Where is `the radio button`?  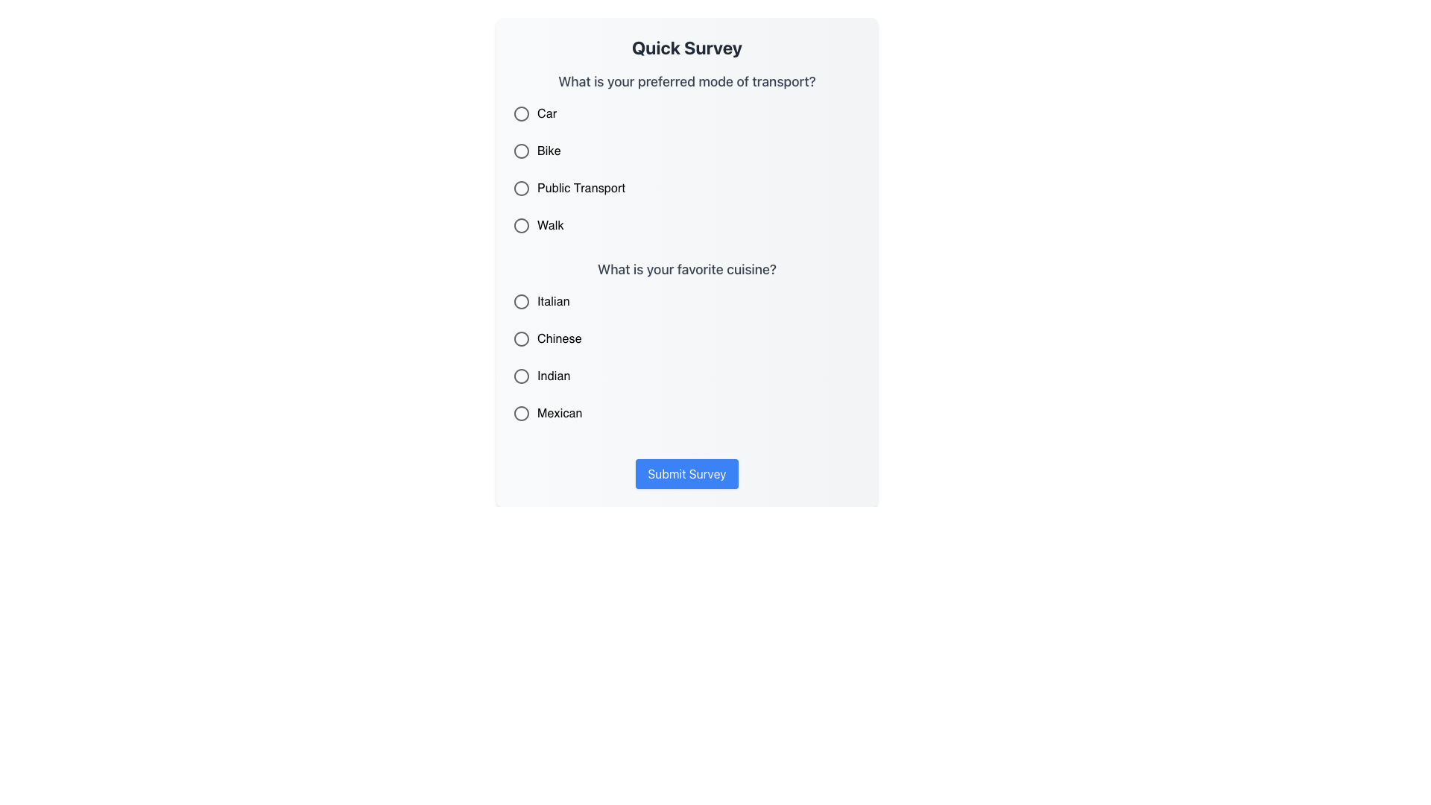 the radio button is located at coordinates (522, 302).